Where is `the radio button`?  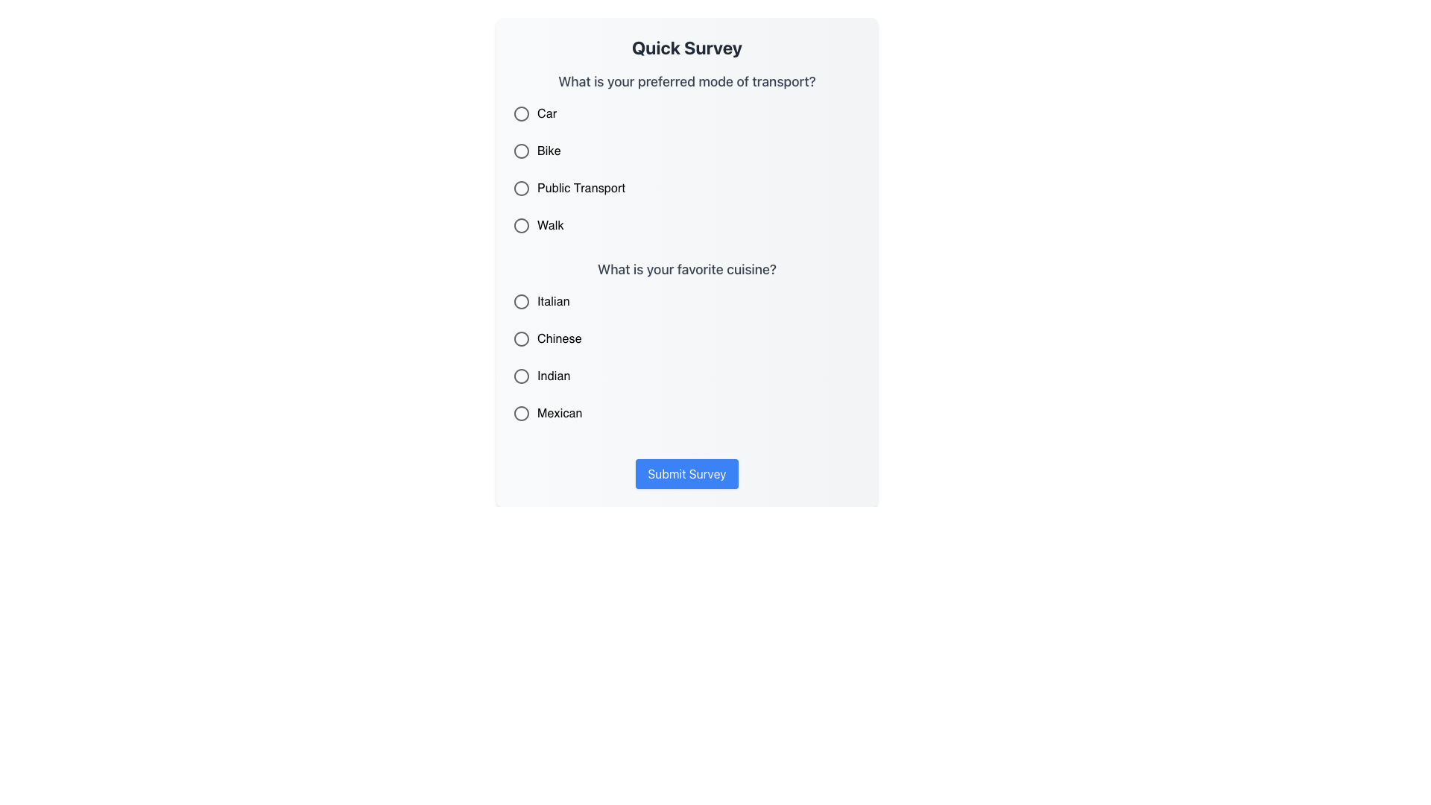 the radio button is located at coordinates (522, 302).